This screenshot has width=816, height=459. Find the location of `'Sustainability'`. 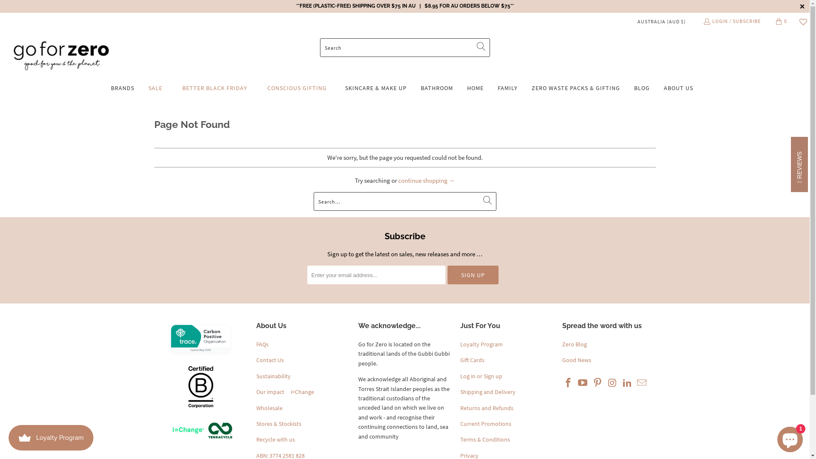

'Sustainability' is located at coordinates (273, 375).